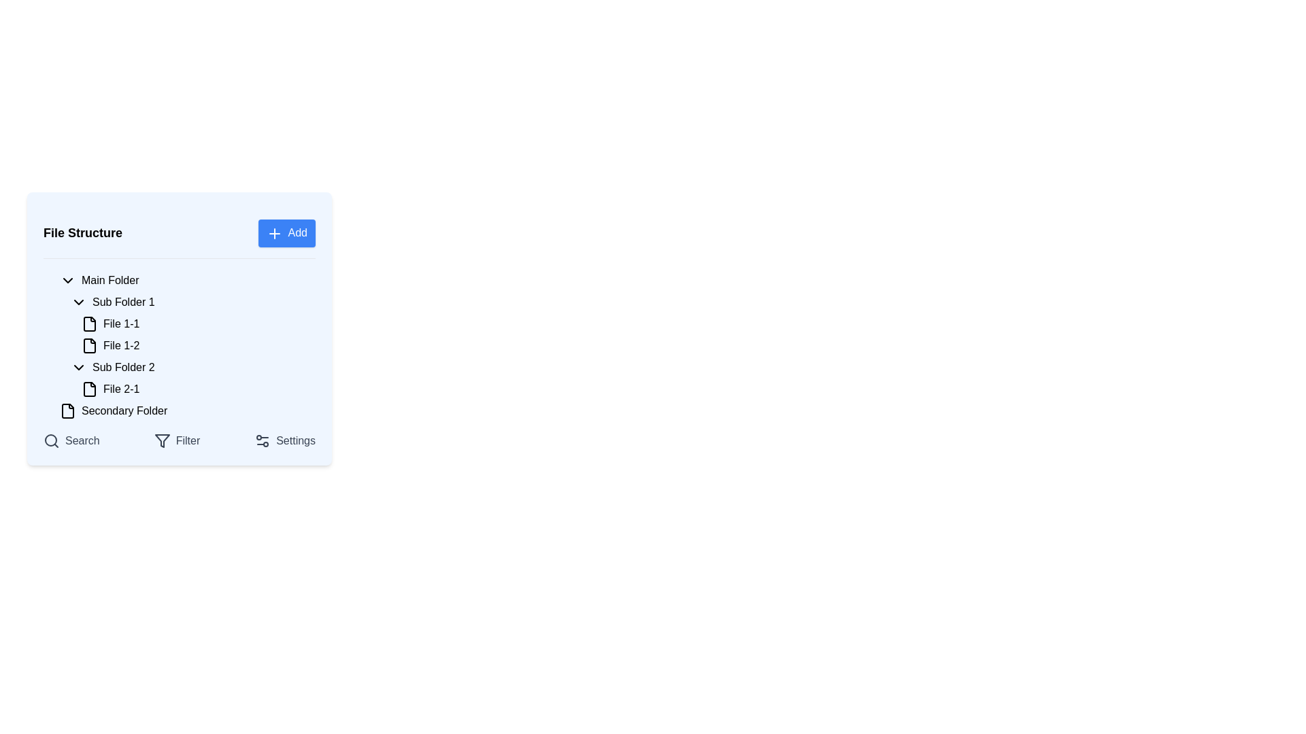 This screenshot has height=734, width=1306. What do you see at coordinates (78, 367) in the screenshot?
I see `the Chevron Icon located to the left of the text 'Sub Folder 2' to provide visual feedback` at bounding box center [78, 367].